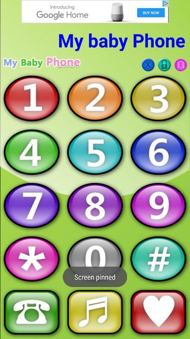 This screenshot has height=339, width=190. What do you see at coordinates (95, 11) in the screenshot?
I see `its an advertisement` at bounding box center [95, 11].